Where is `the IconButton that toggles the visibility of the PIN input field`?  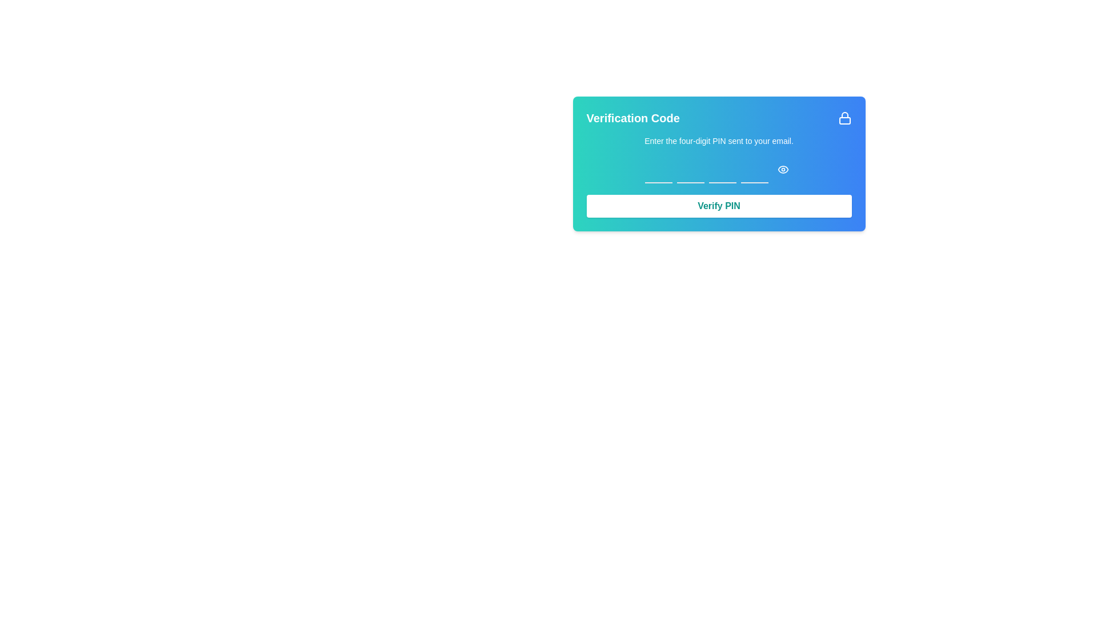 the IconButton that toggles the visibility of the PIN input field is located at coordinates (782, 170).